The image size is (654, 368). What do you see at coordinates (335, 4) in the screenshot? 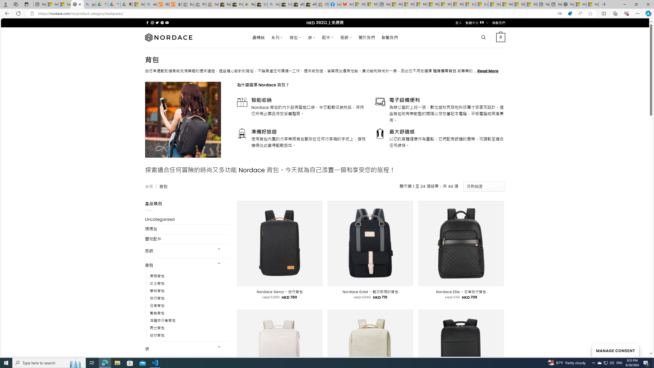
I see `'Log into Facebook'` at bounding box center [335, 4].